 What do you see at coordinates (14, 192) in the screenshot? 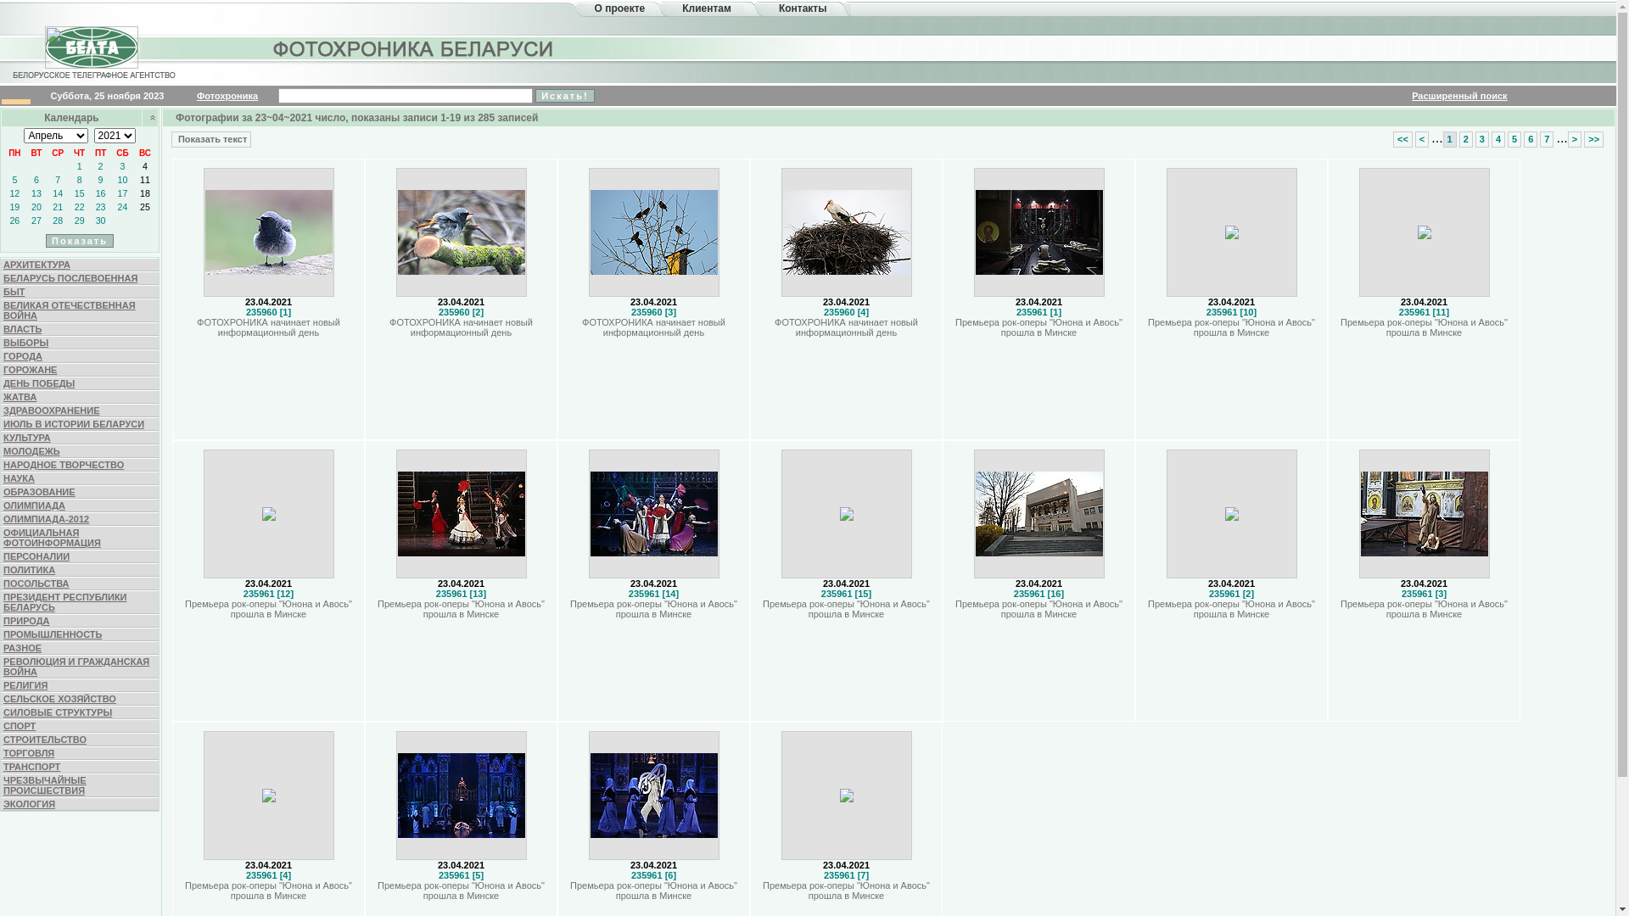
I see `'12'` at bounding box center [14, 192].